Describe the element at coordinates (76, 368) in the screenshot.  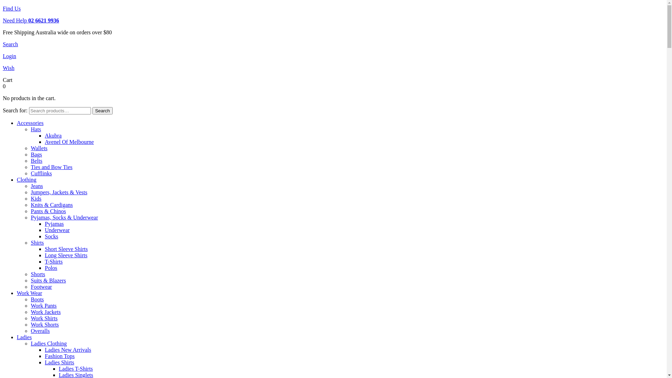
I see `'Ladies T-Shirts'` at that location.